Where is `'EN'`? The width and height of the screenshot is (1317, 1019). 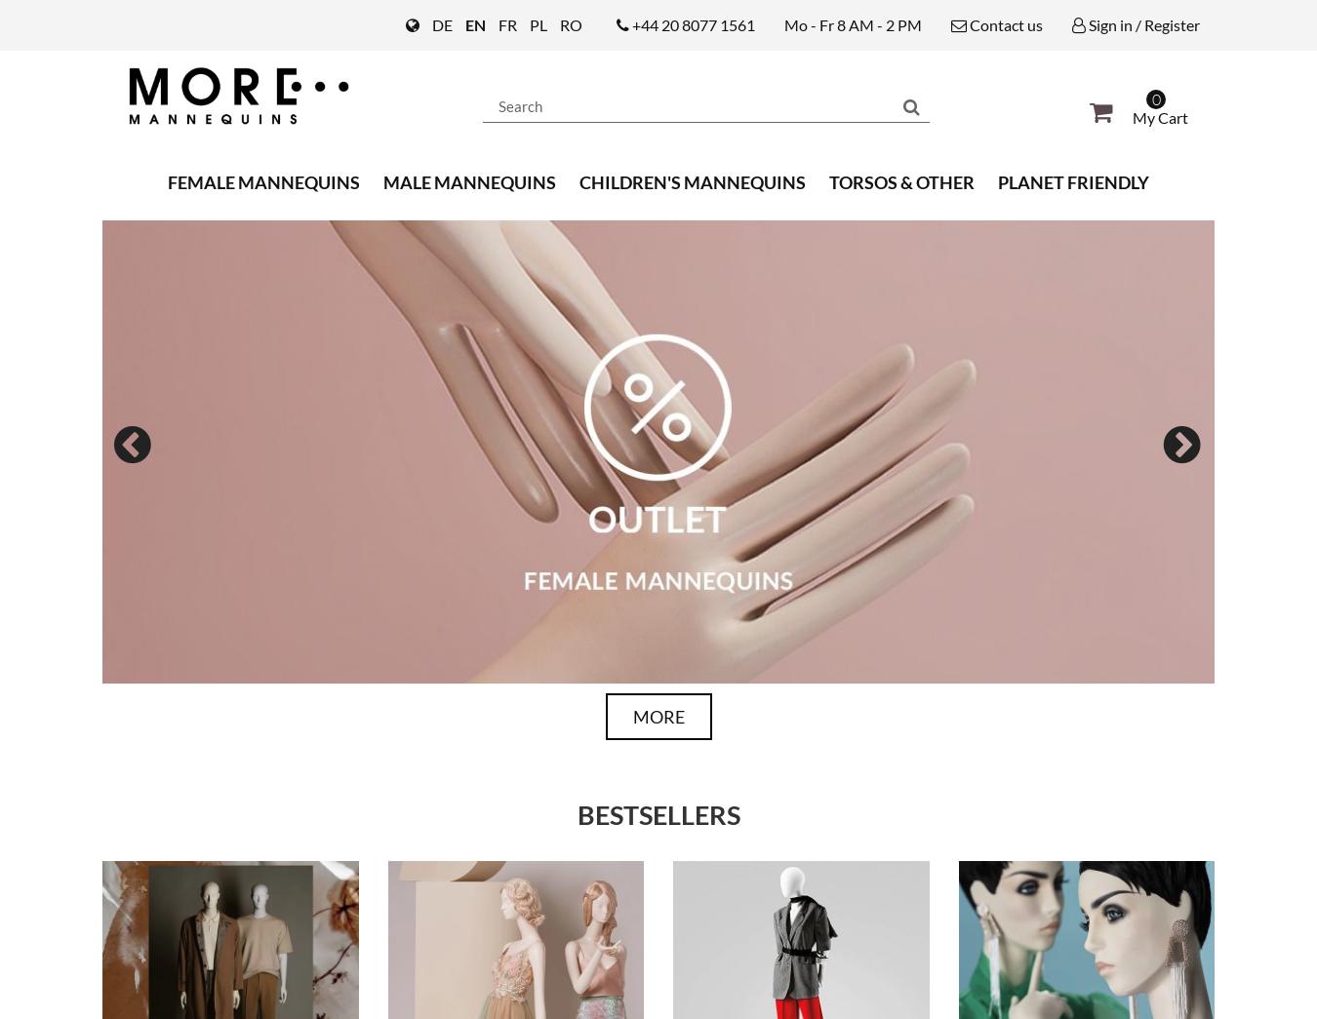 'EN' is located at coordinates (474, 23).